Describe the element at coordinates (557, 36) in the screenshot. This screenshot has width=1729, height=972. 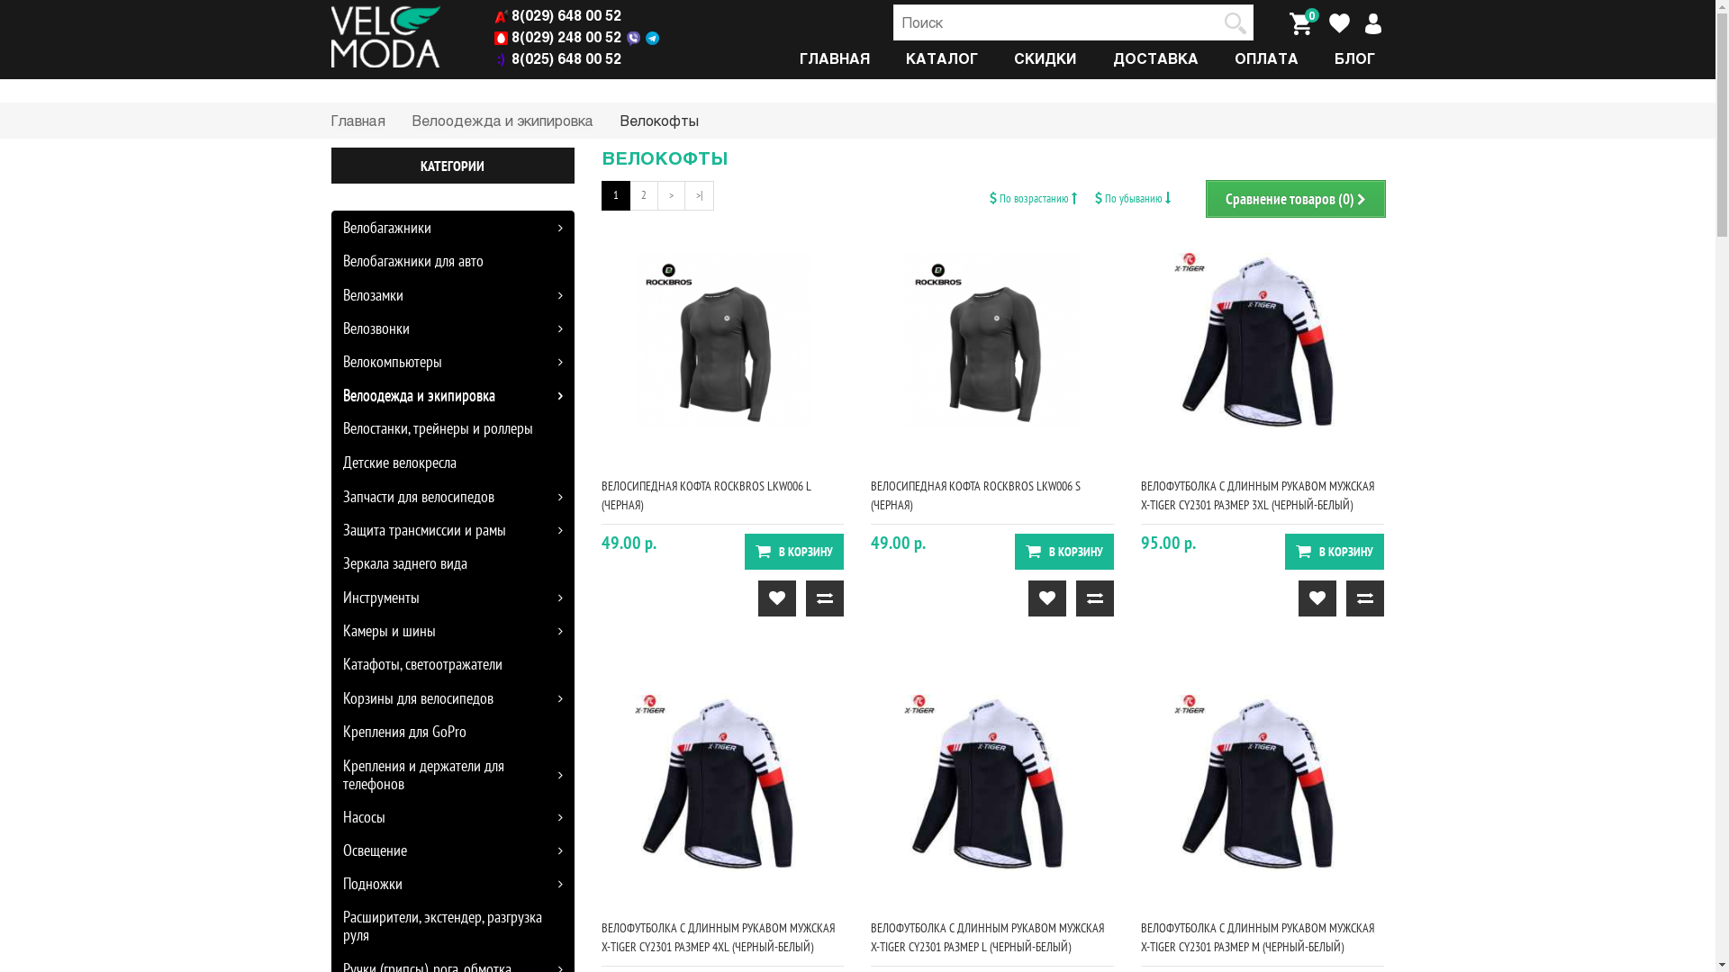
I see `'8(029) 248 00 52'` at that location.